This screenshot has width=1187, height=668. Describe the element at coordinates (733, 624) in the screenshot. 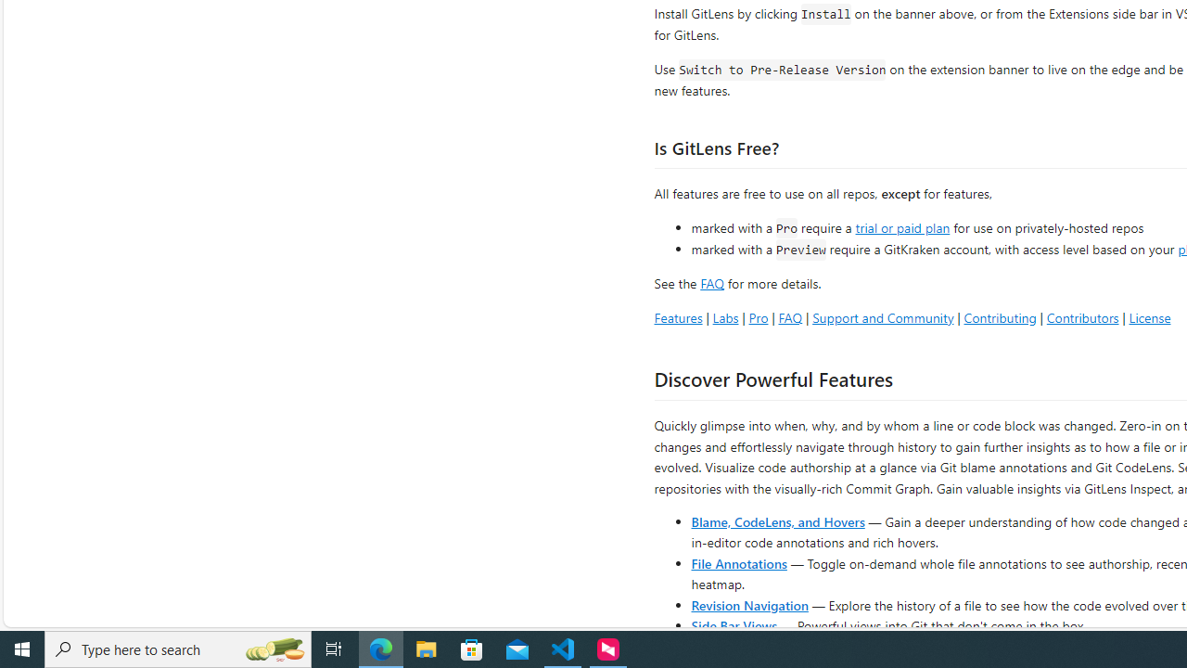

I see `'Side Bar Views'` at that location.